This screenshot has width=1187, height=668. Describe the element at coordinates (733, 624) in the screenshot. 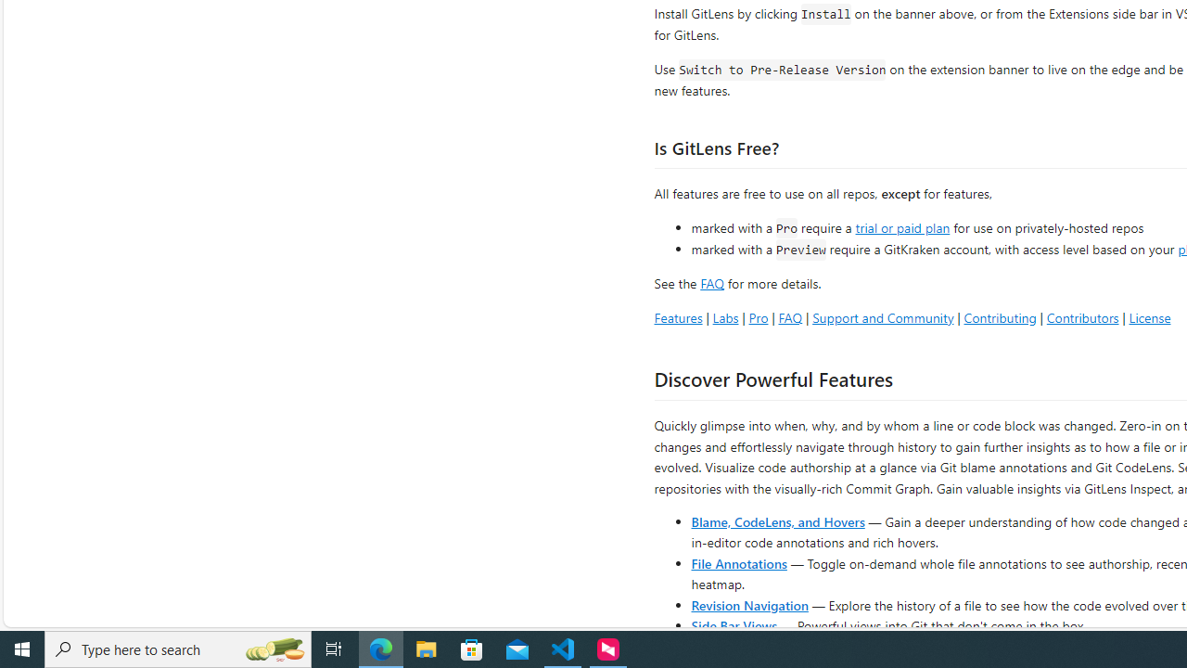

I see `'Side Bar Views'` at that location.